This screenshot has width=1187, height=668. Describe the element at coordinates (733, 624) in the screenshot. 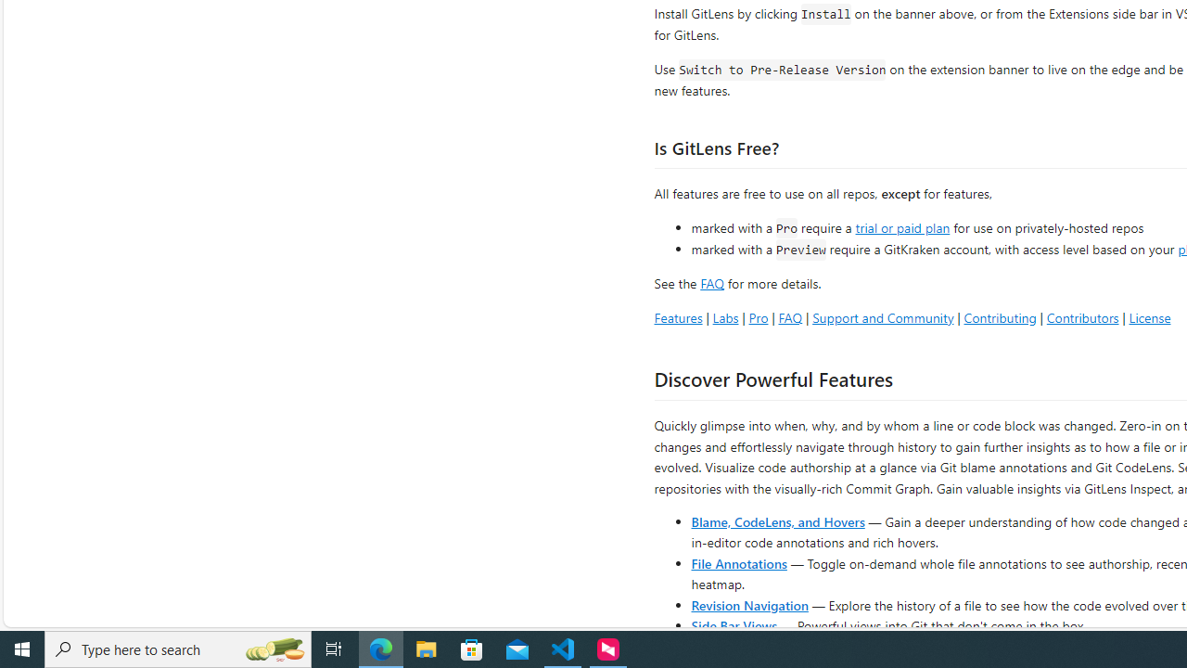

I see `'Side Bar Views'` at that location.